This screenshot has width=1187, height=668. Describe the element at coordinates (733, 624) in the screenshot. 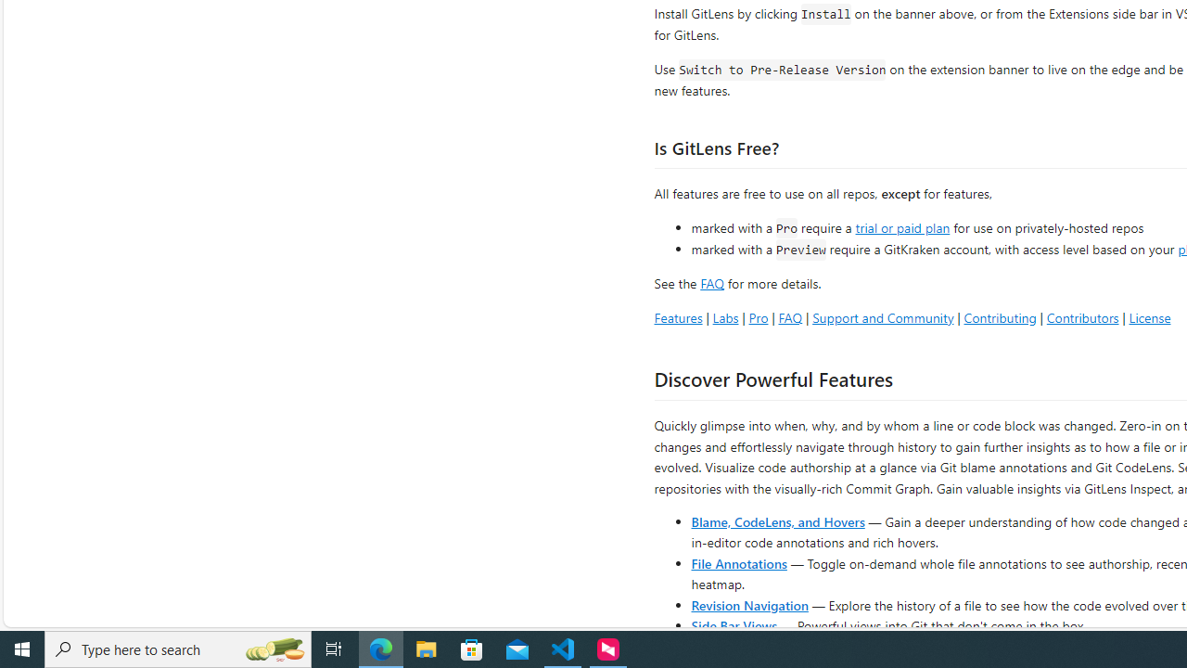

I see `'Side Bar Views'` at that location.